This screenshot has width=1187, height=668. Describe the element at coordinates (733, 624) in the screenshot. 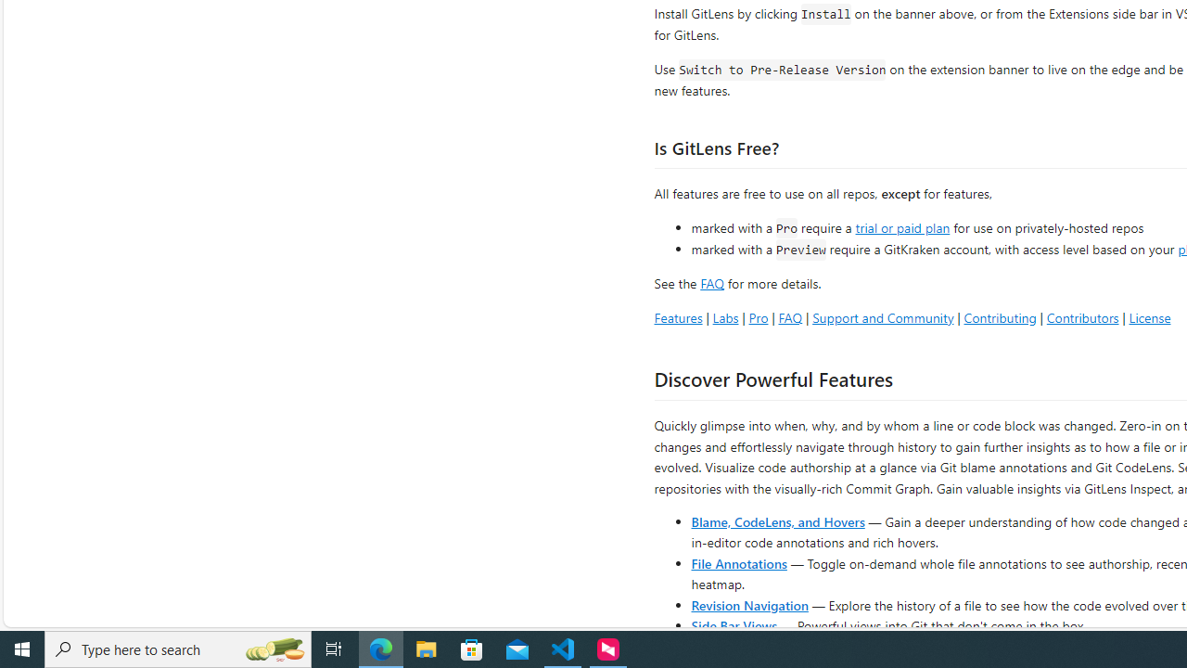

I see `'Side Bar Views'` at that location.